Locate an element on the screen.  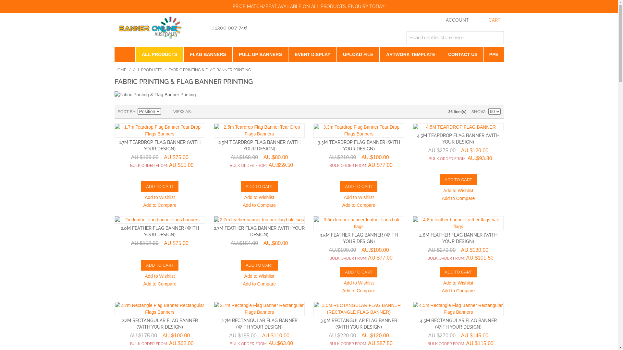
'ACCOUNT' is located at coordinates (451, 20).